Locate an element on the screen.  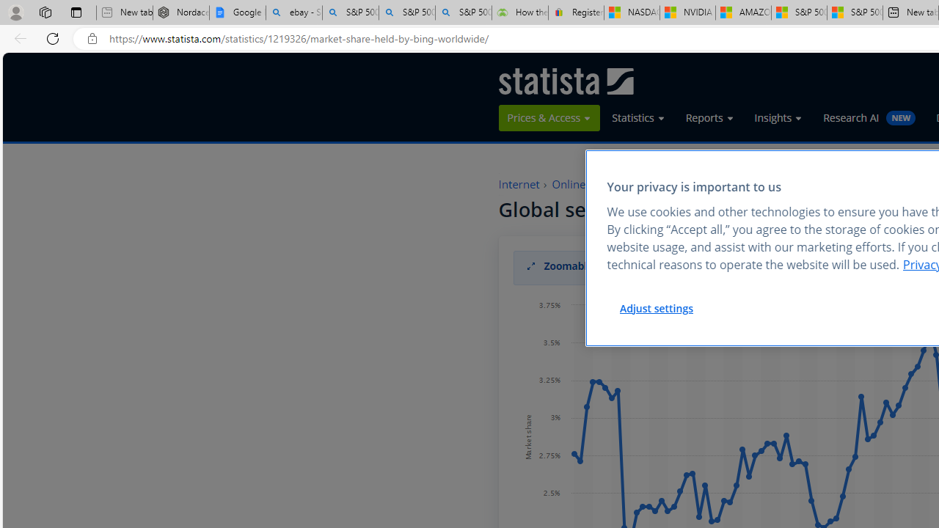
'S&P 500 - Search' is located at coordinates (406, 12).